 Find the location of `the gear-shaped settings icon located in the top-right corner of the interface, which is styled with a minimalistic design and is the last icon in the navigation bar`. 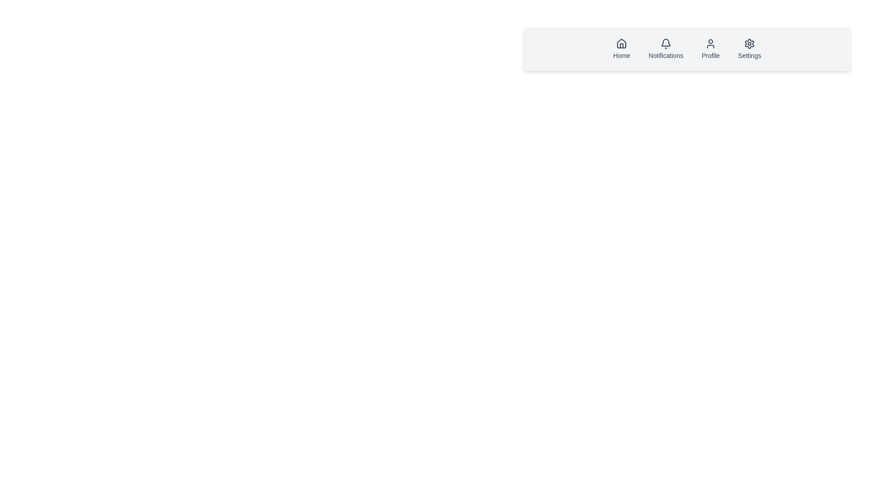

the gear-shaped settings icon located in the top-right corner of the interface, which is styled with a minimalistic design and is the last icon in the navigation bar is located at coordinates (750, 44).